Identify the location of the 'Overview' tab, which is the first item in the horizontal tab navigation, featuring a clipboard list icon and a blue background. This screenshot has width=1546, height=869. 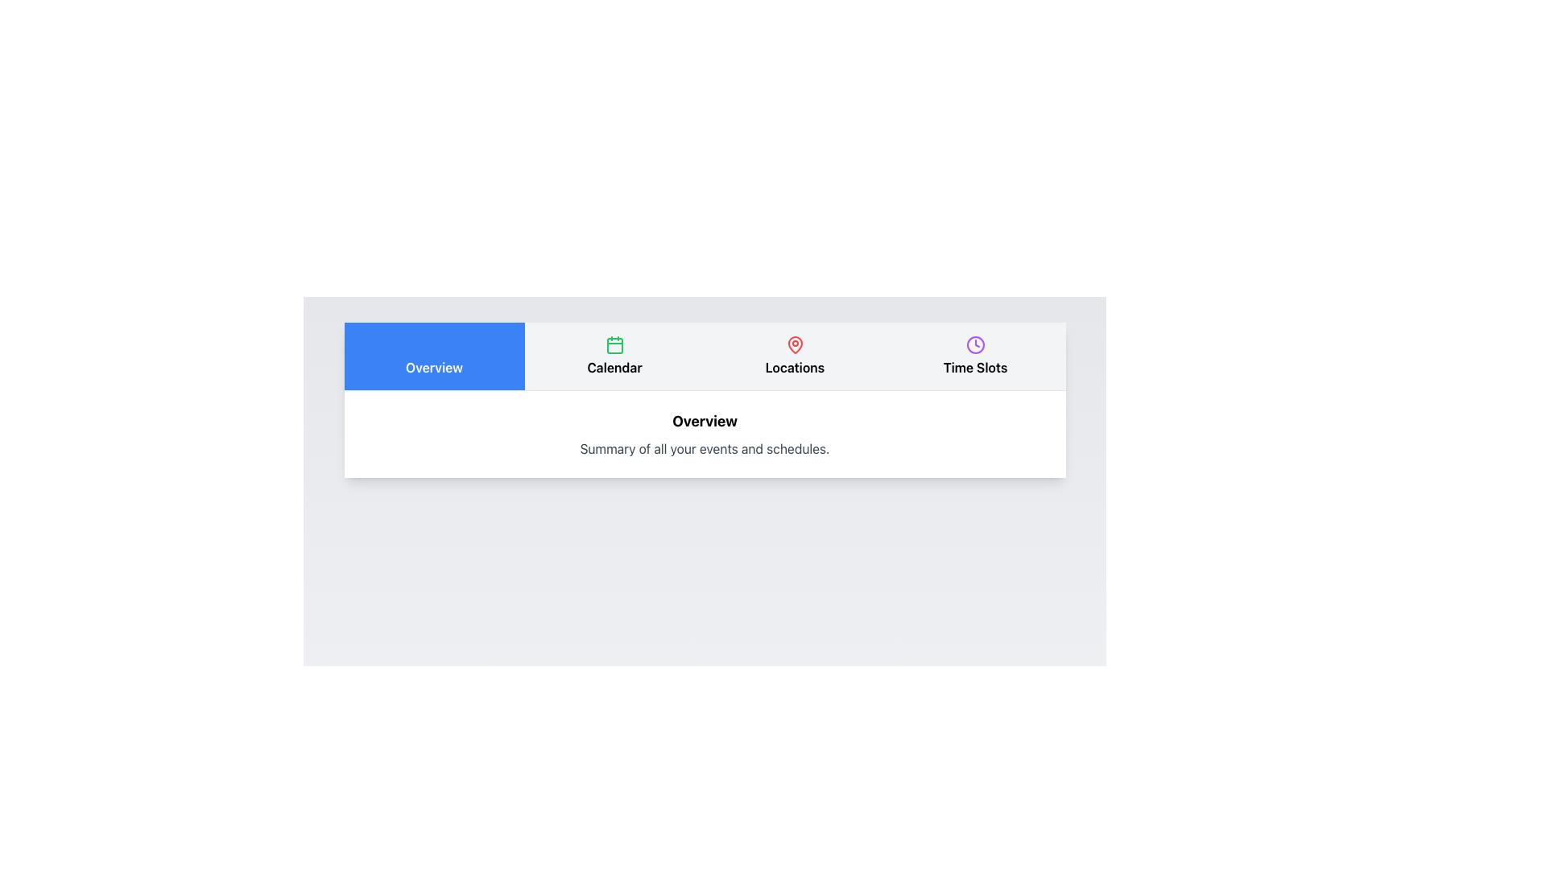
(434, 356).